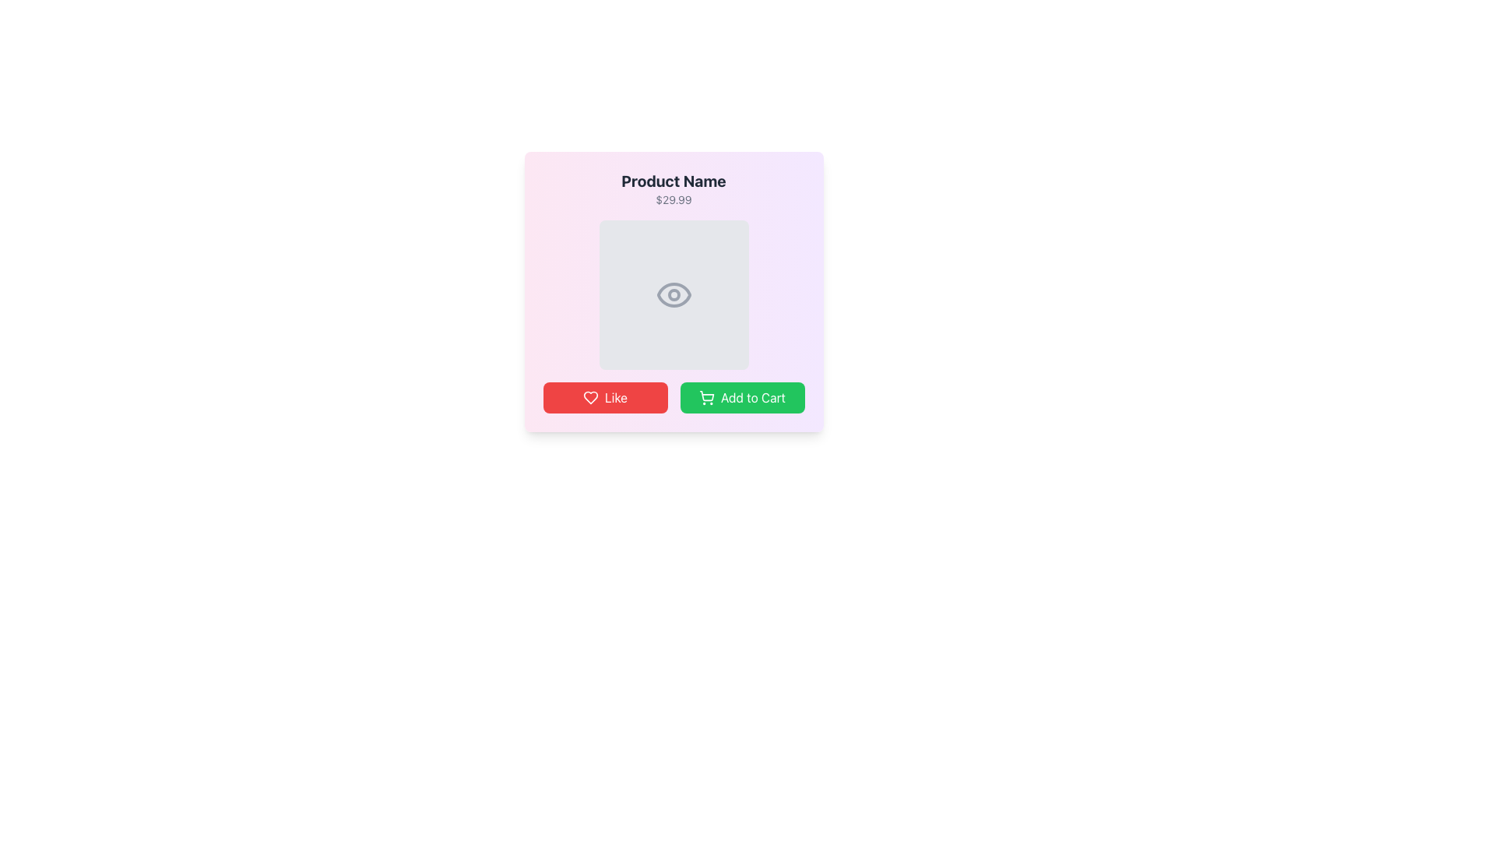  I want to click on the eye icon, which is a gray circular design located in the center of a light gray rectangular area, beneath the 'Product Name' and price '$29.99', and above the 'Like' and 'Add to Cart' buttons, so click(674, 294).